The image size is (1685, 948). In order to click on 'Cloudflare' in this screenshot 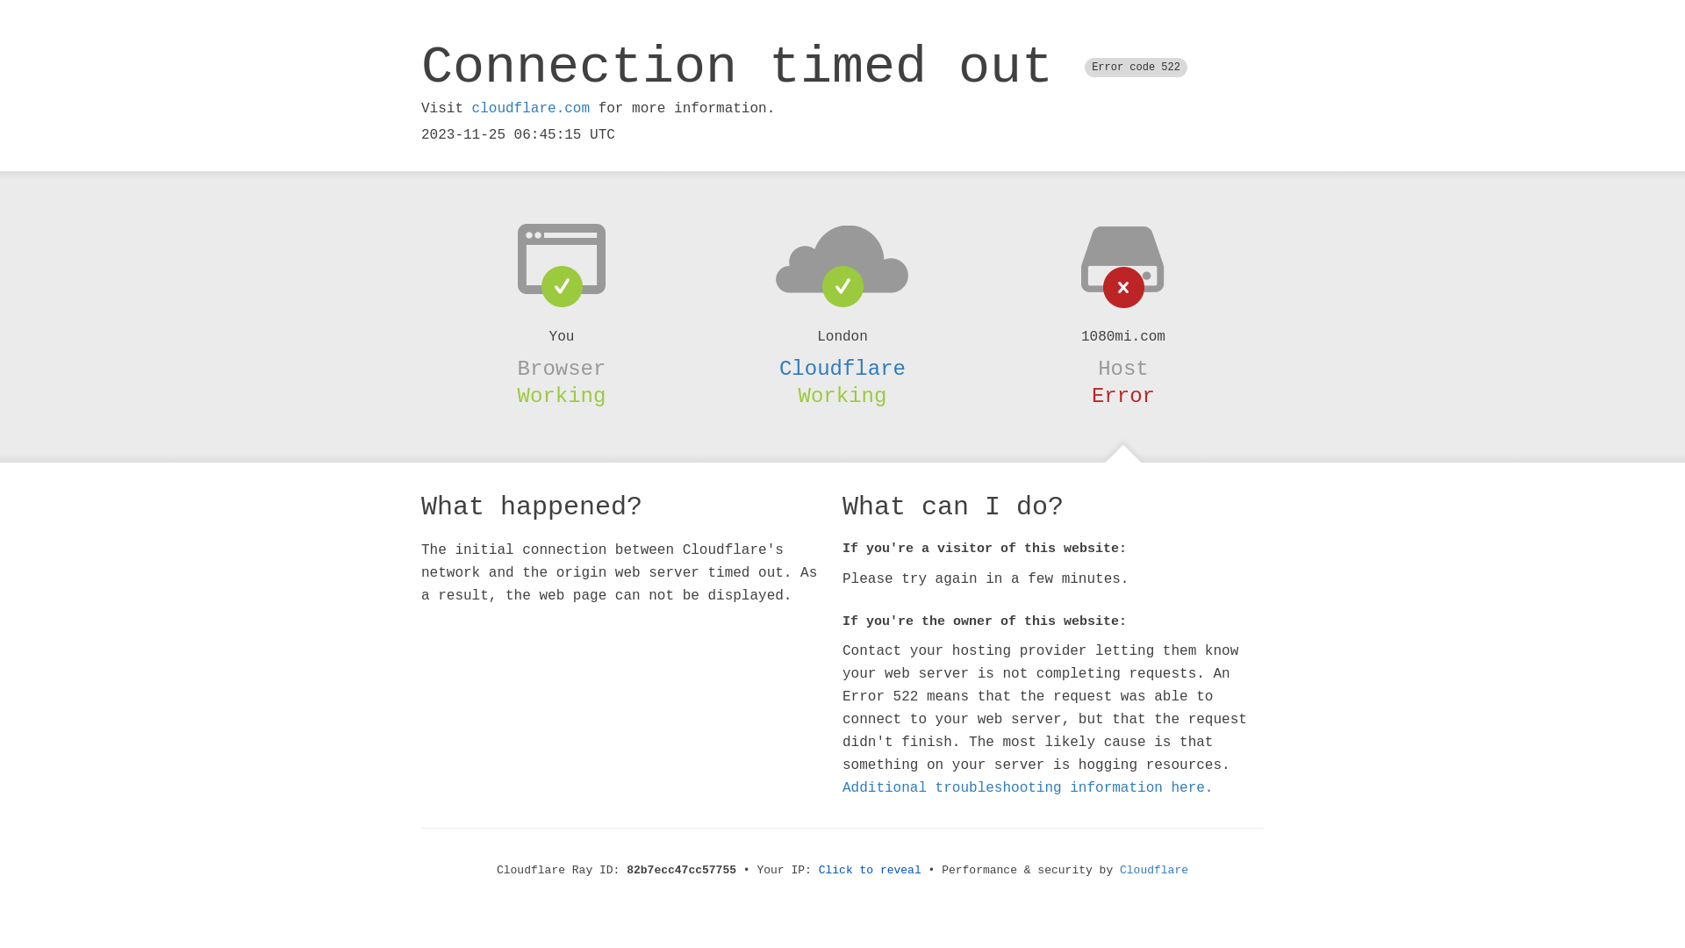, I will do `click(842, 368)`.